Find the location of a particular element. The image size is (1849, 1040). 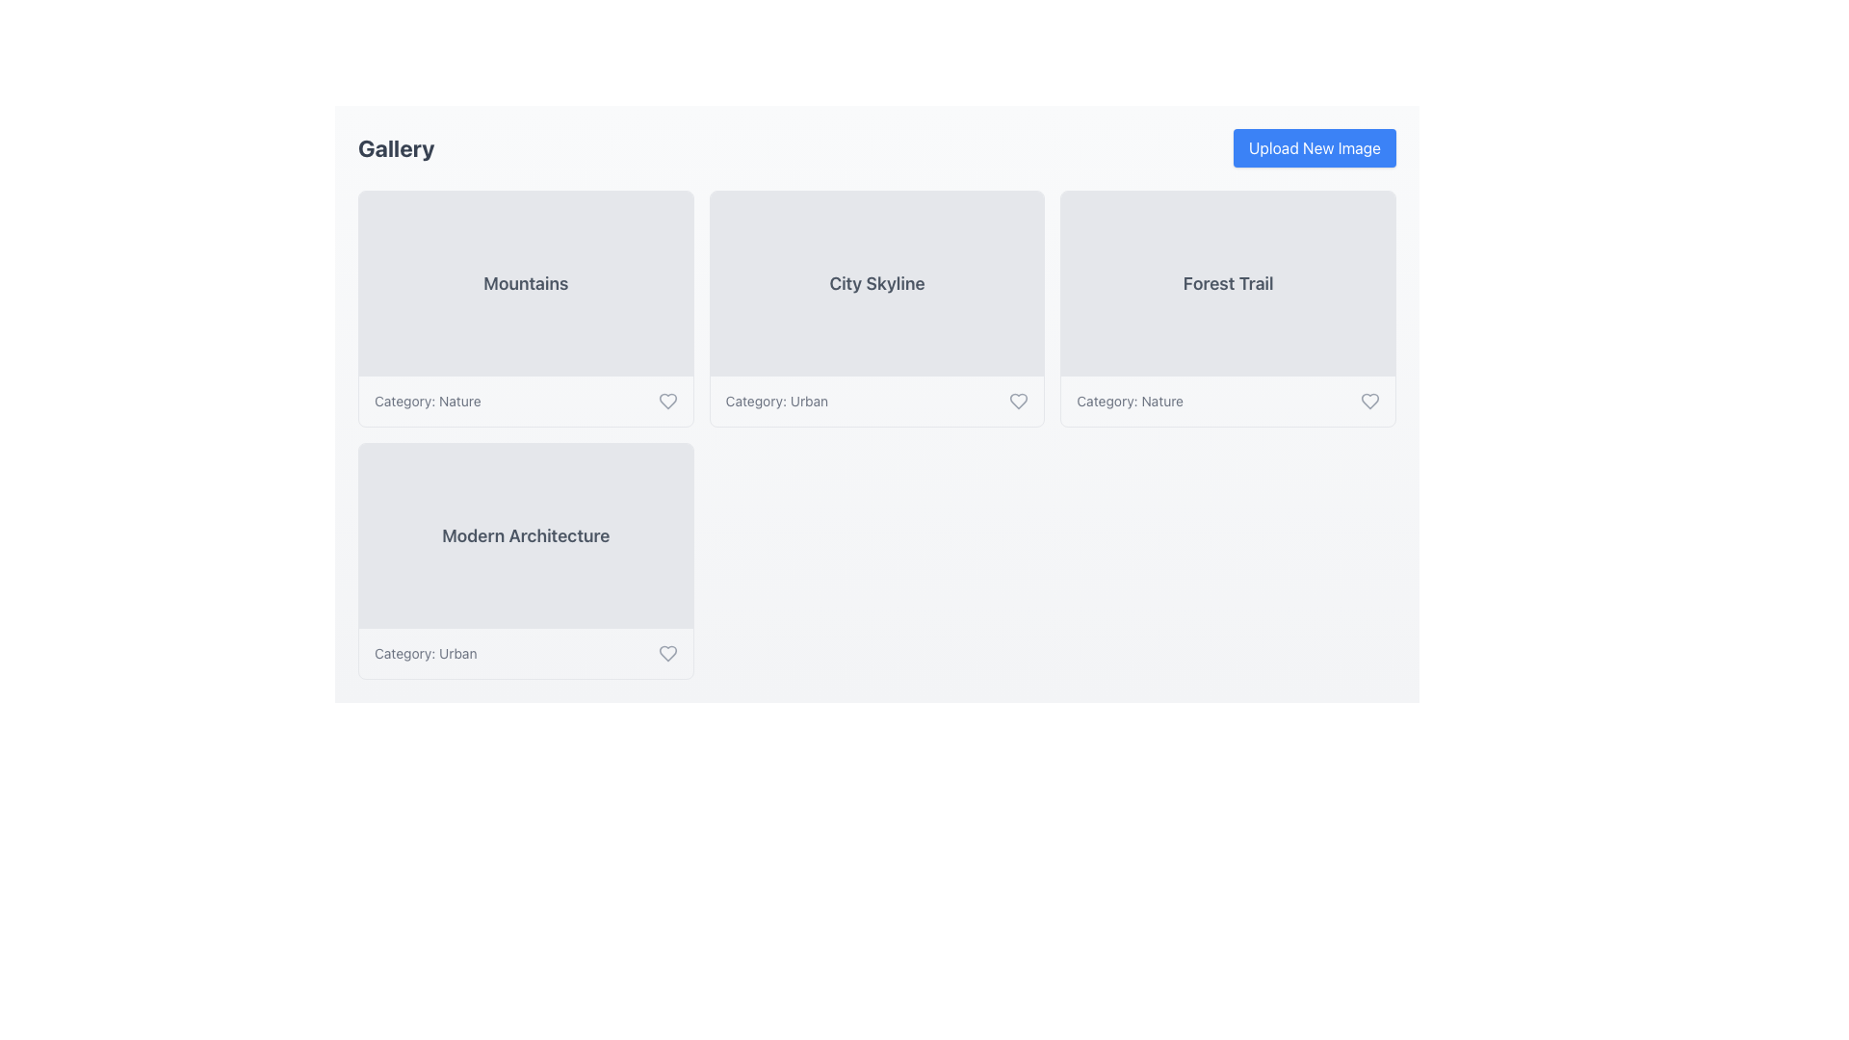

the 'City Skyline' card is located at coordinates (876, 307).